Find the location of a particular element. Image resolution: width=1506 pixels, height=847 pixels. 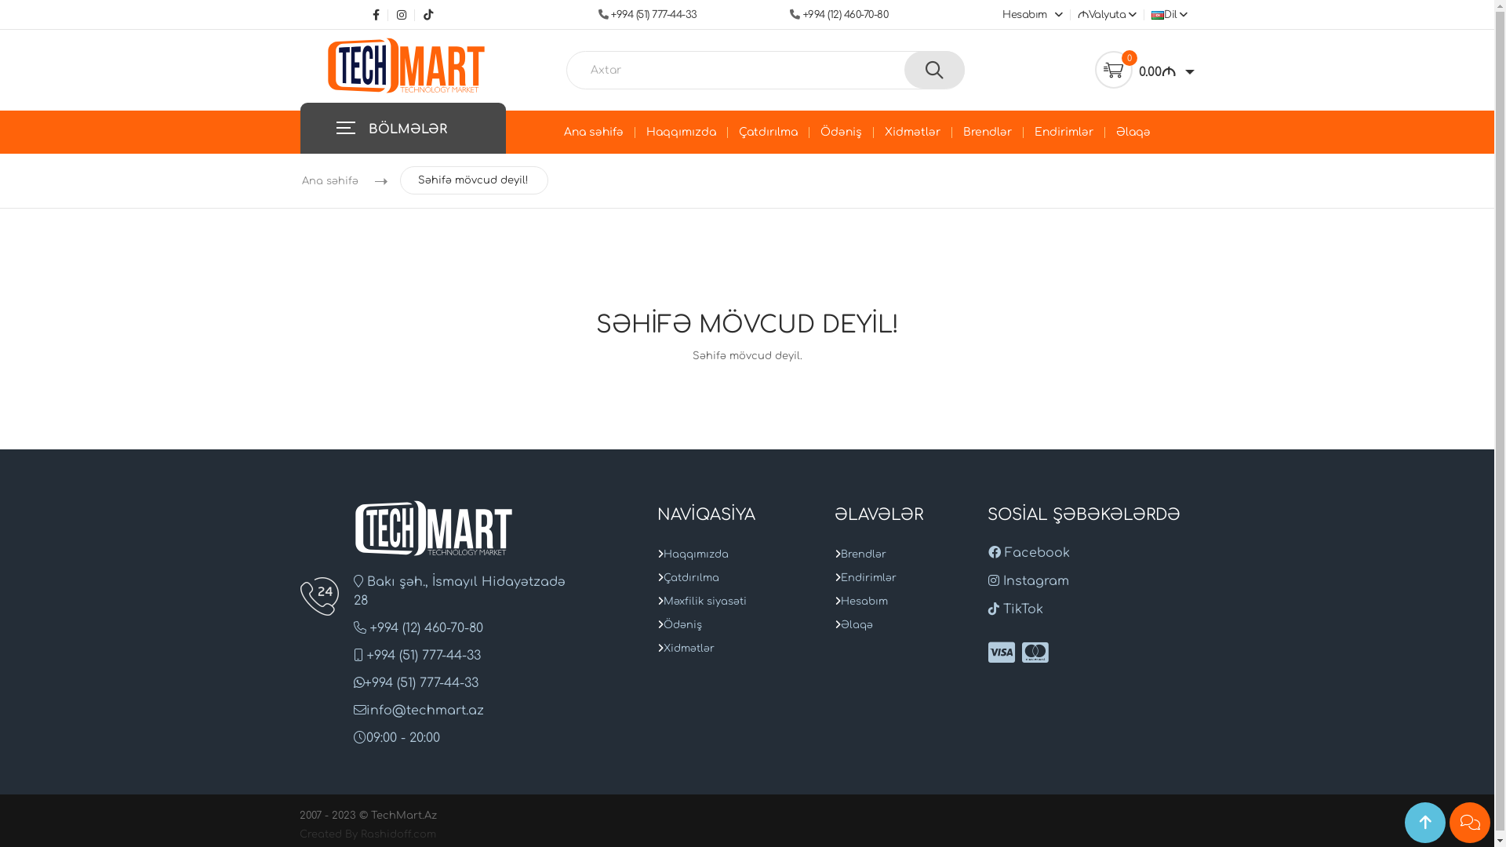

'+994 (12) 460-70-80' is located at coordinates (844, 15).